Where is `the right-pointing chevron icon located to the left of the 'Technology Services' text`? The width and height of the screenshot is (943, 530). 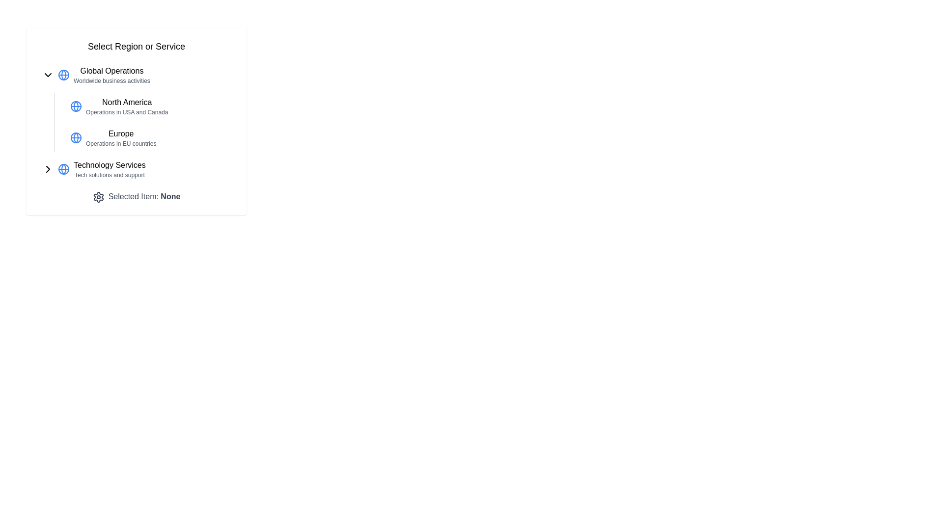
the right-pointing chevron icon located to the left of the 'Technology Services' text is located at coordinates (47, 168).